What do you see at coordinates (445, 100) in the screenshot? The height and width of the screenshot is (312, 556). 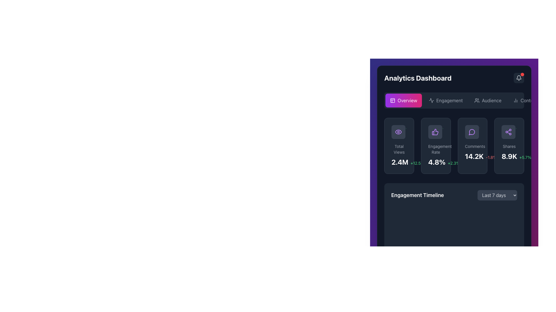 I see `the 'Engagement' button, which is a rectangular gray button with a waveform icon, positioned to the right of the 'Overview' button and to the left of the 'Audience' button` at bounding box center [445, 100].